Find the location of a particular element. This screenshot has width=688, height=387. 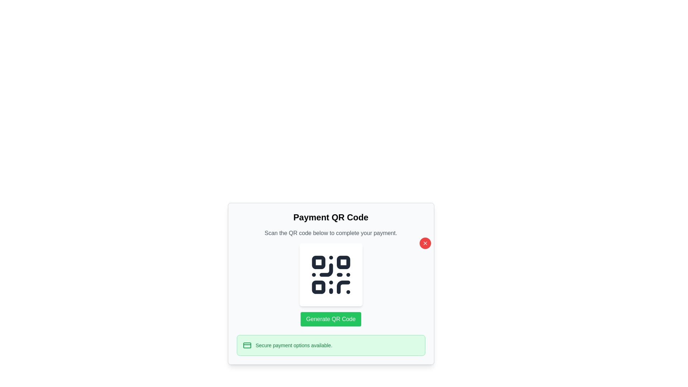

the green rectangular button labeled 'Generate QR Code' to generate a QR code is located at coordinates (330, 319).